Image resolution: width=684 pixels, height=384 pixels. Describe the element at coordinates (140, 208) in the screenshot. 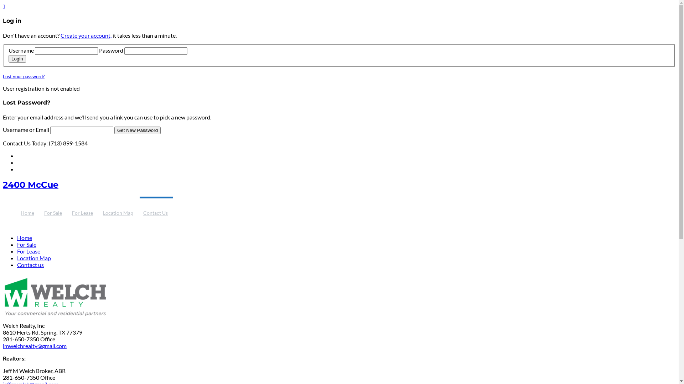

I see `'Contact Us'` at that location.